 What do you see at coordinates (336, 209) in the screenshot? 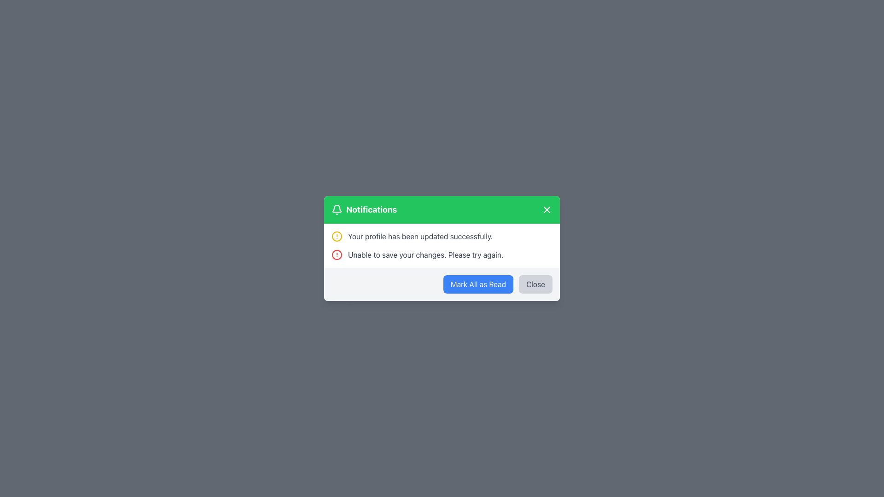
I see `the bell icon located to the far left of the header area of the notification card, which is styled in white against a green background and precedes the text label 'Notifications'` at bounding box center [336, 209].